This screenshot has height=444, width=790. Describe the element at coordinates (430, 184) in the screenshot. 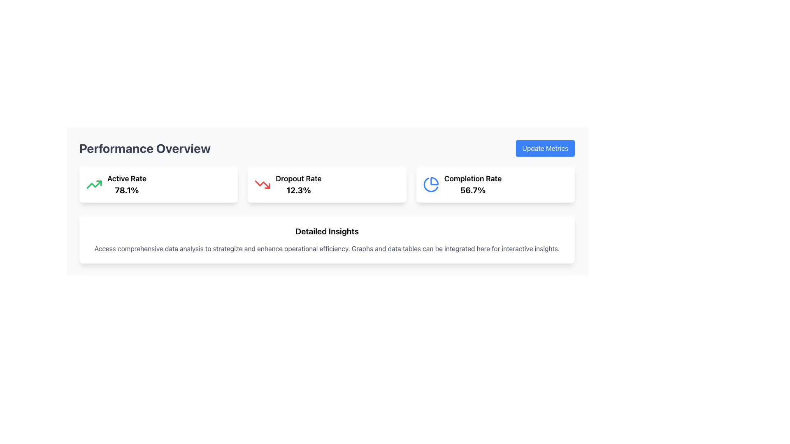

I see `the circular pie chart icon representing the 'Completion Rate' with a percentage of '56.7%', located at the left of the card's header text` at that location.